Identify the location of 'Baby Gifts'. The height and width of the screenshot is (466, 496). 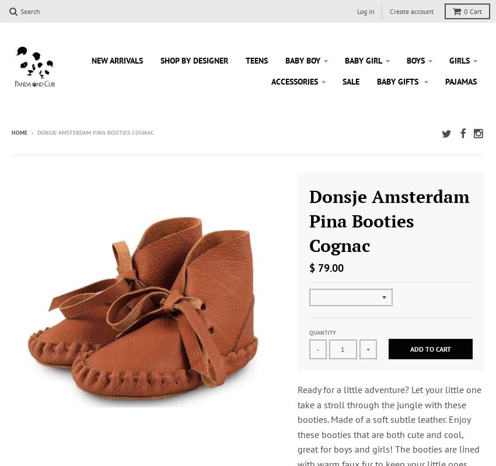
(398, 81).